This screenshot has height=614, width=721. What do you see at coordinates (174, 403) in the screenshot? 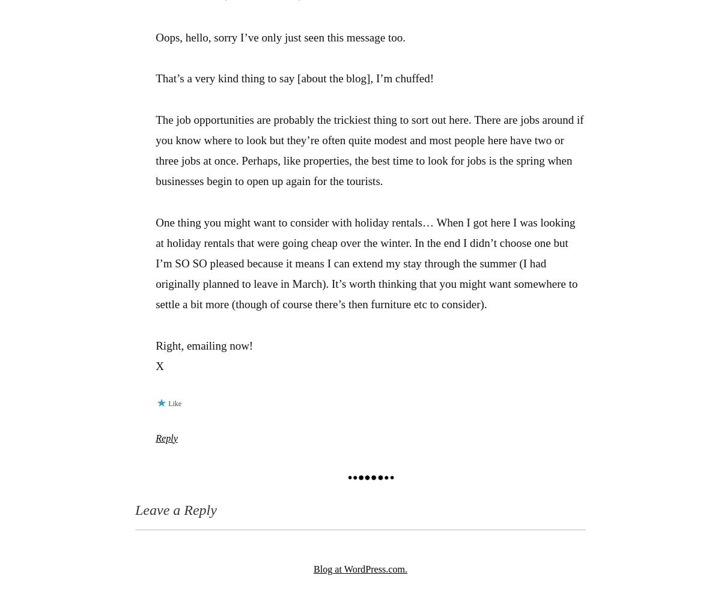
I see `'Like'` at bounding box center [174, 403].